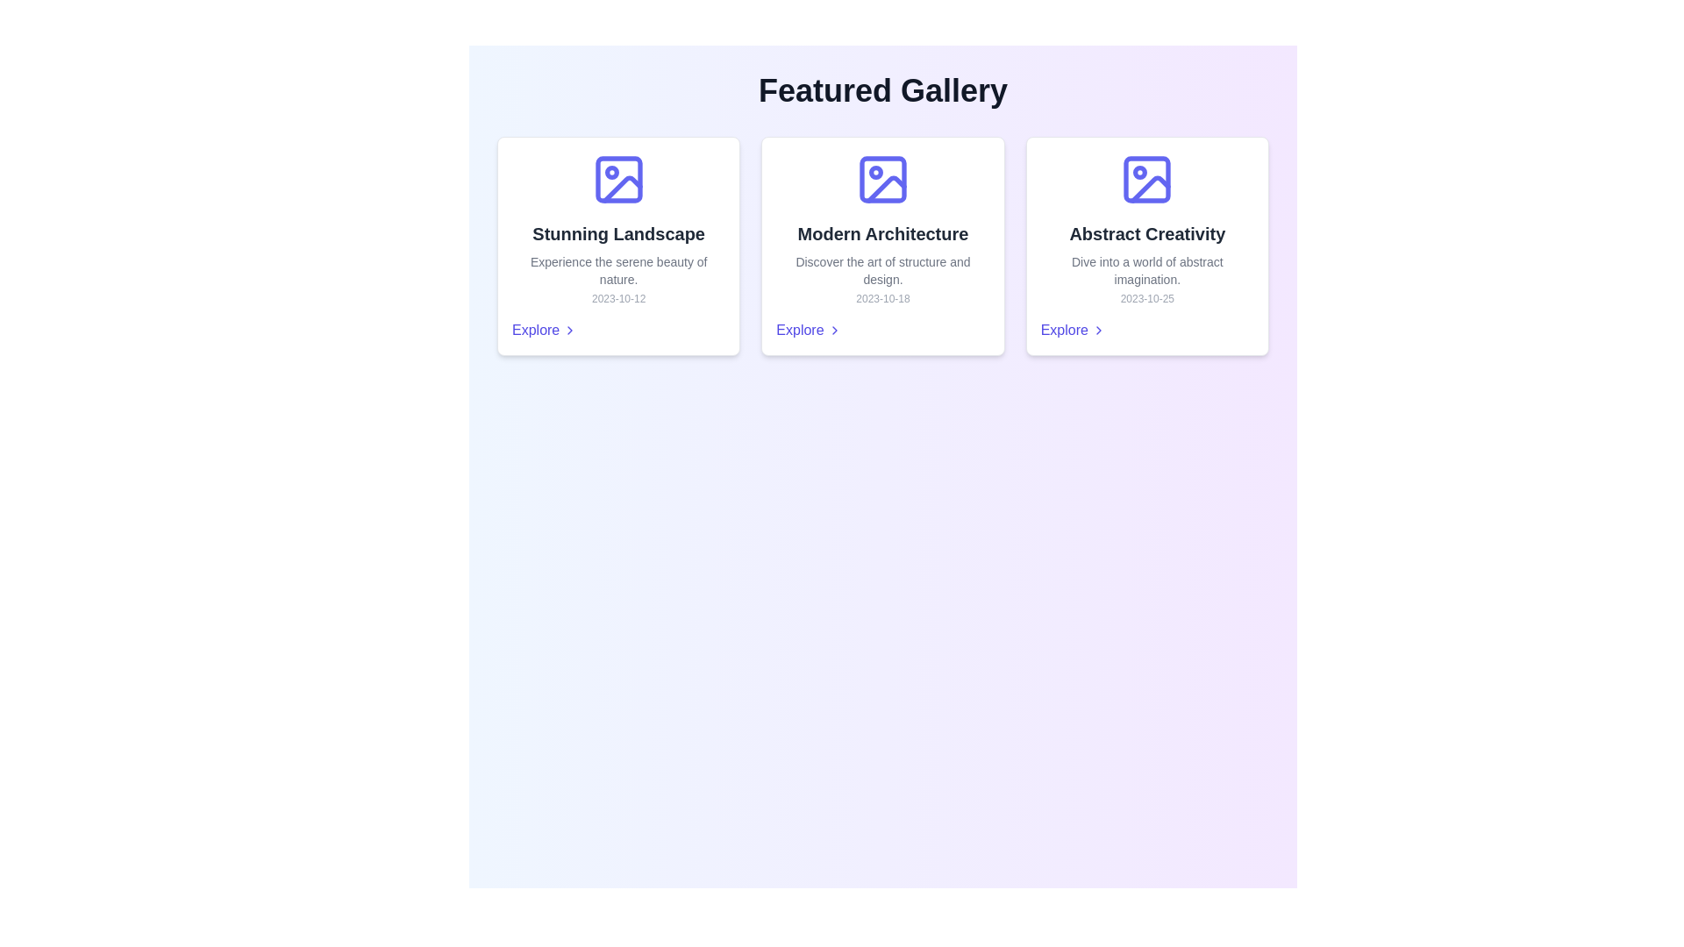 The height and width of the screenshot is (947, 1684). What do you see at coordinates (1072, 331) in the screenshot?
I see `the link or button located at the bottom right of the 'Abstract Creativity' card` at bounding box center [1072, 331].